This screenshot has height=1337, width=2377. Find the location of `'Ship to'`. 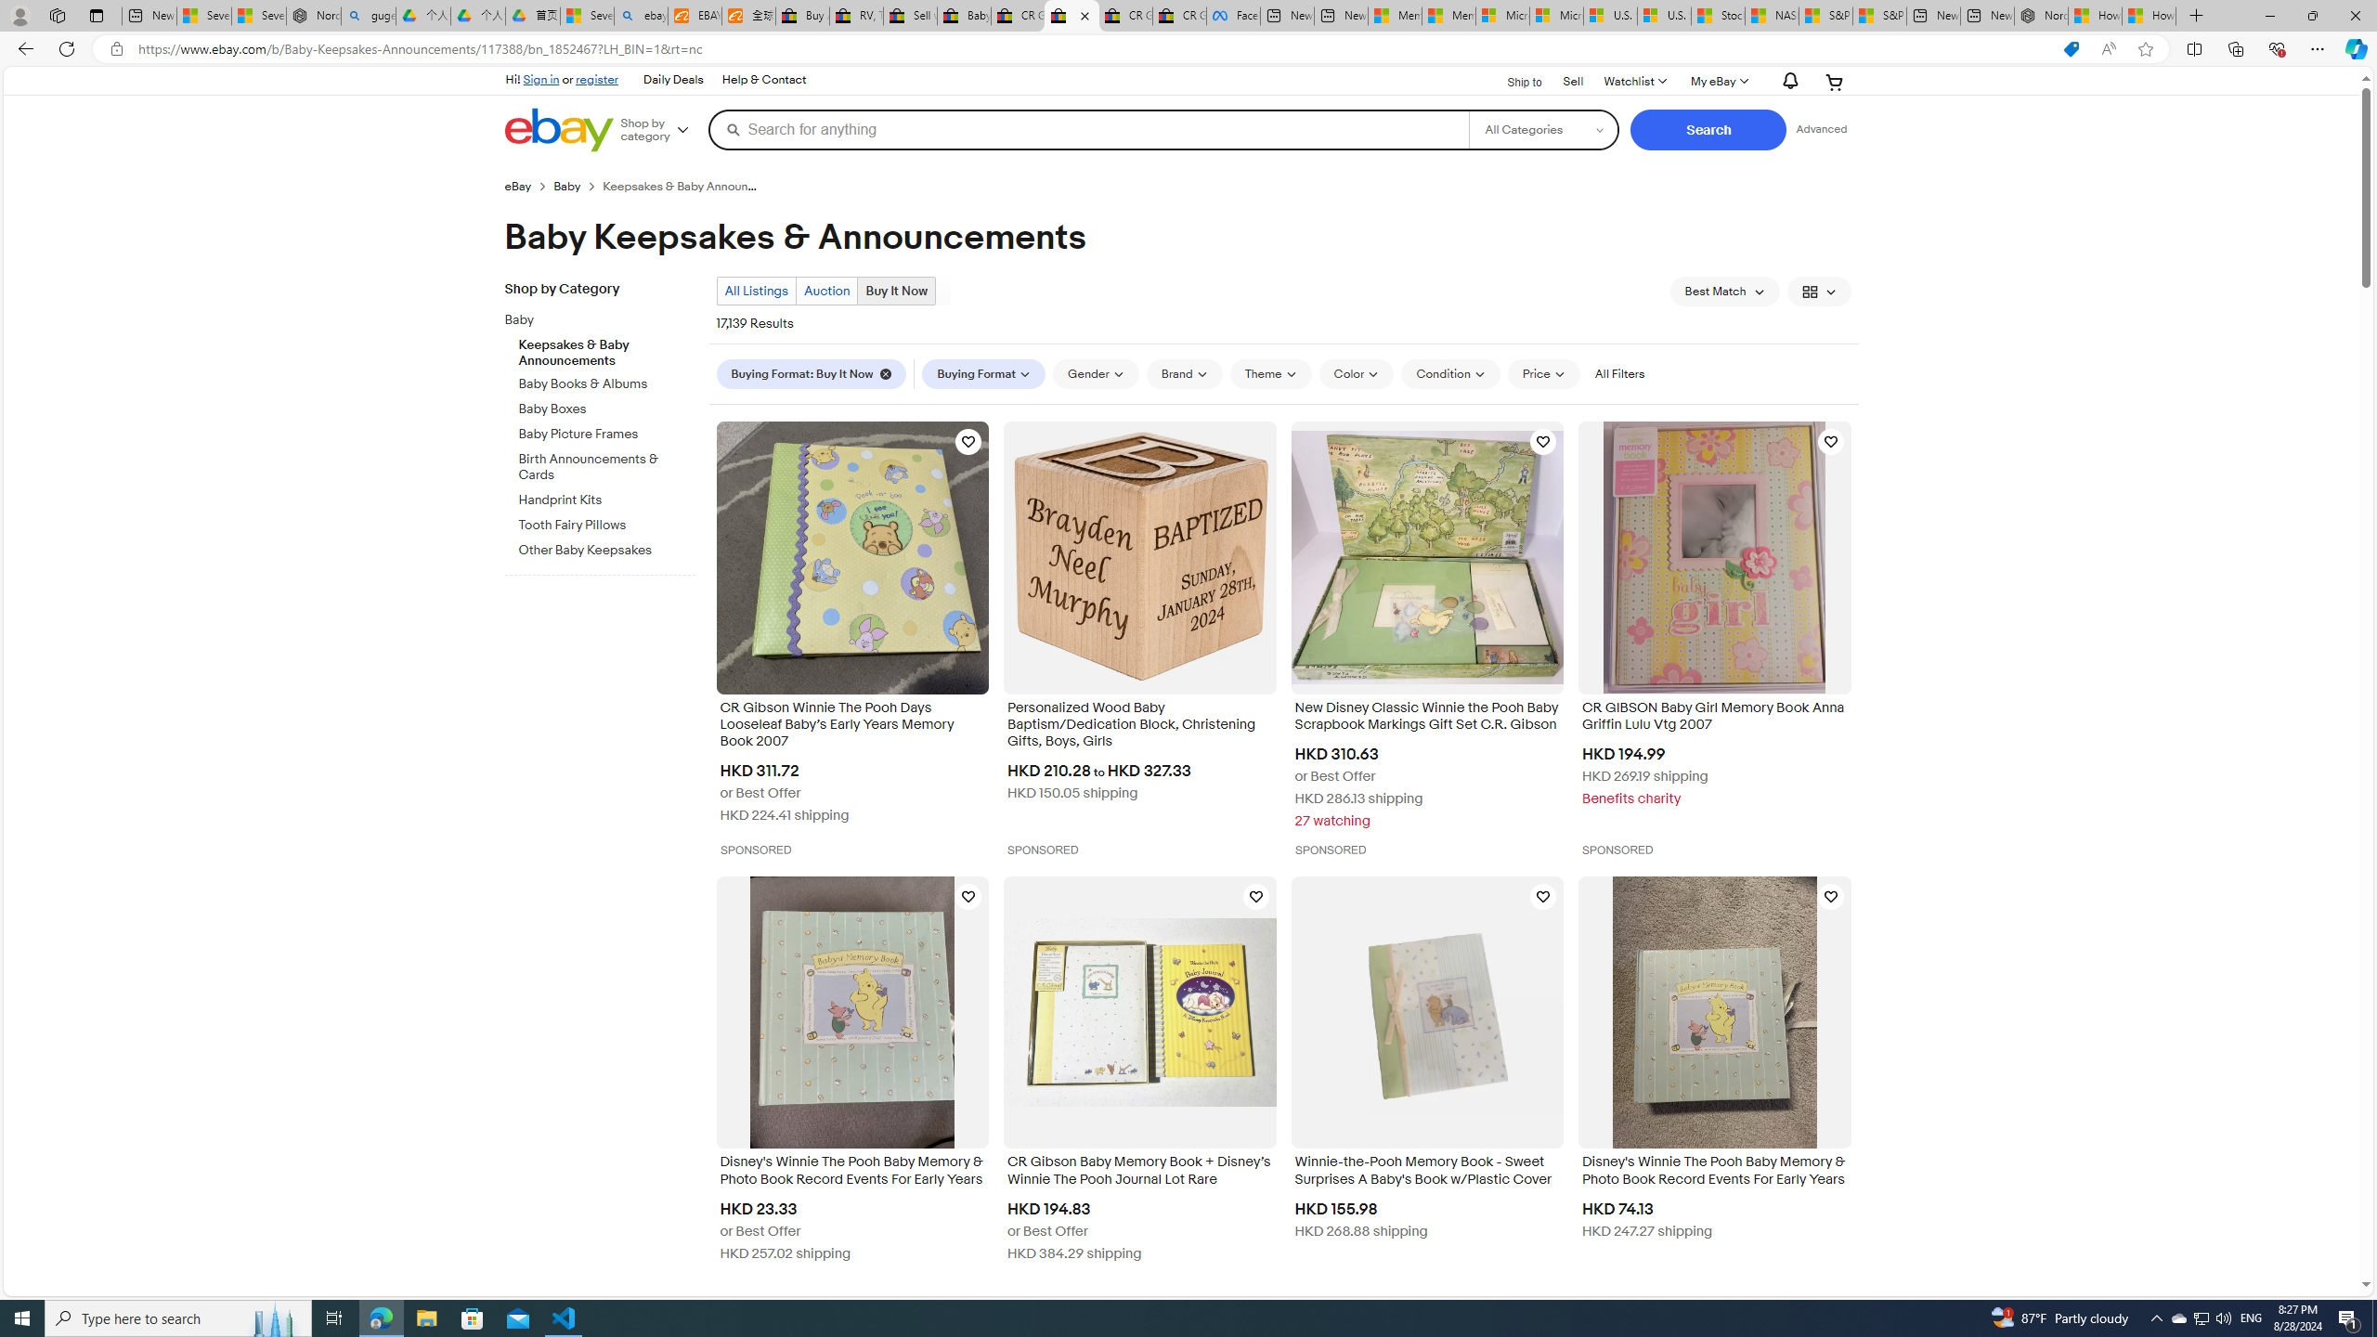

'Ship to' is located at coordinates (1512, 81).